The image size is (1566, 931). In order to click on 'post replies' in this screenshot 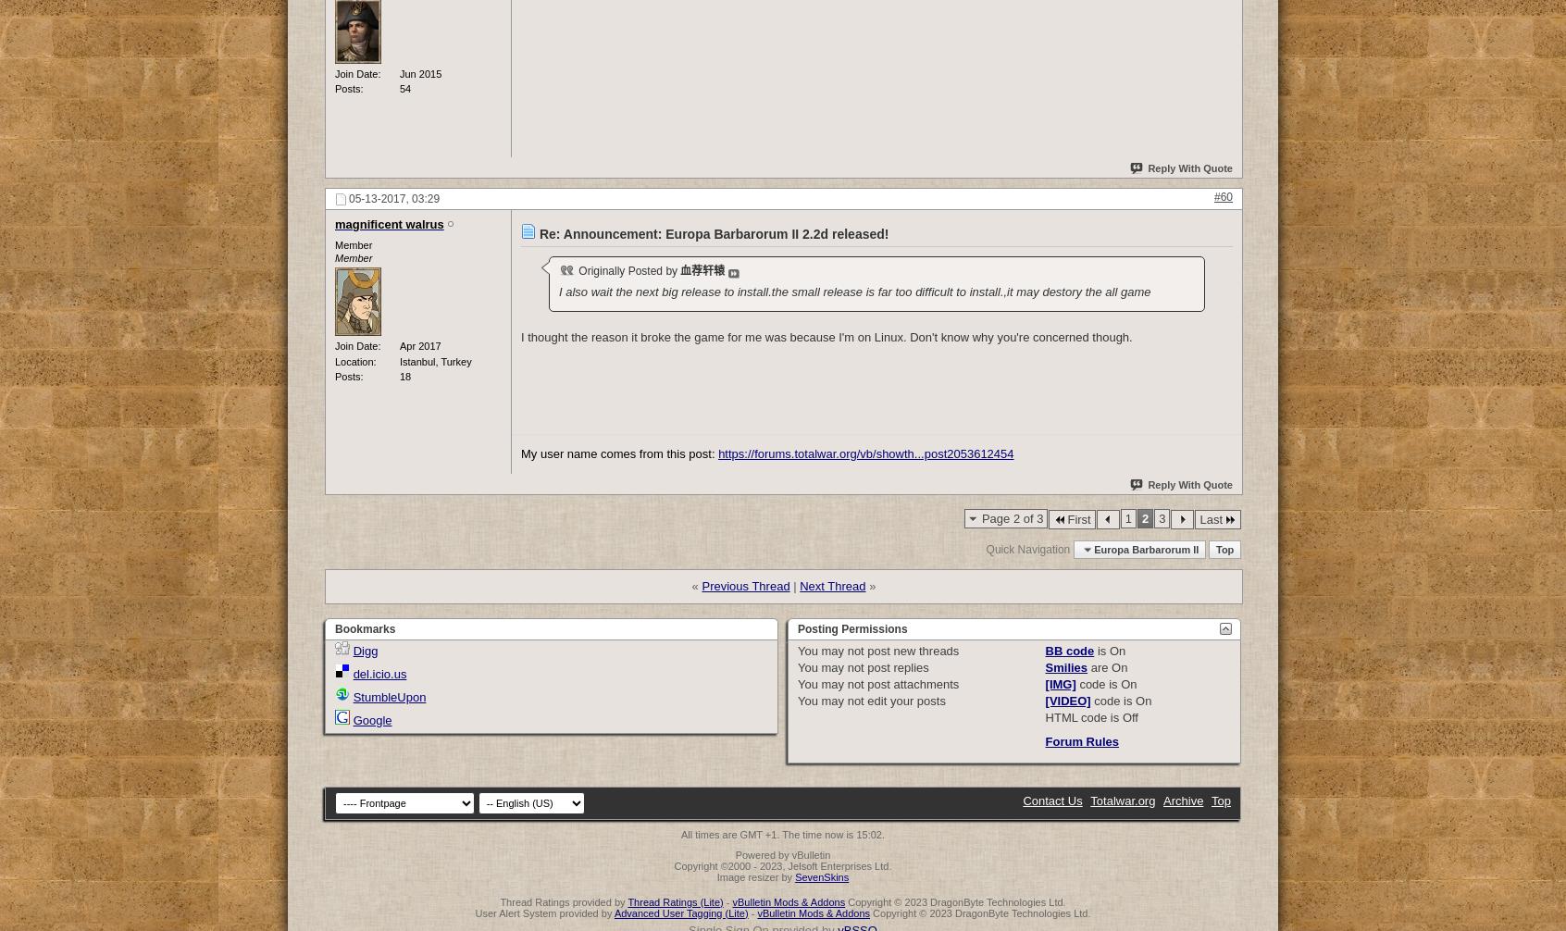, I will do `click(895, 666)`.